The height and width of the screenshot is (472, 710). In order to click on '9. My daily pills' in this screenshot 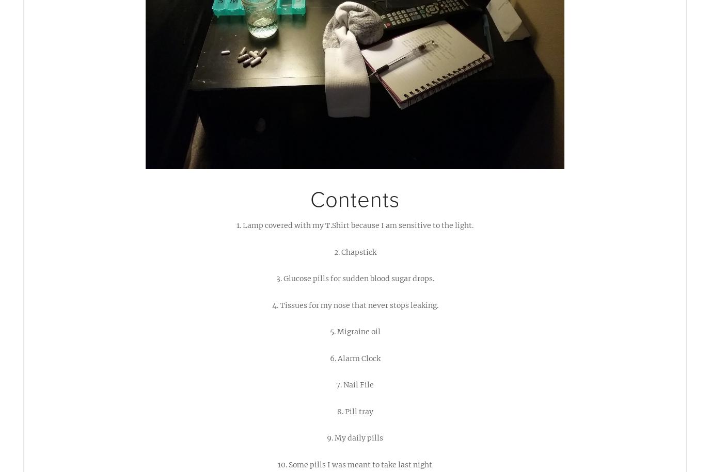, I will do `click(354, 438)`.